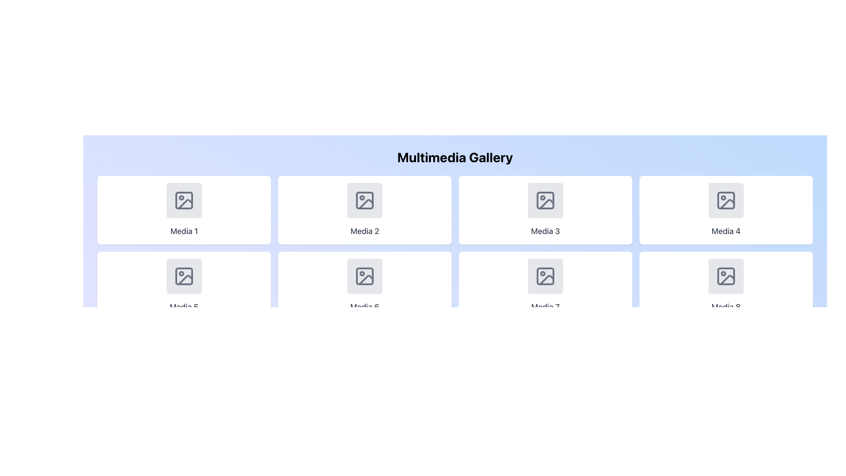 The height and width of the screenshot is (476, 846). I want to click on the SVG icon representing media content located in the 'Media 4' item of the 'Multimedia Gallery' grid, so click(726, 201).